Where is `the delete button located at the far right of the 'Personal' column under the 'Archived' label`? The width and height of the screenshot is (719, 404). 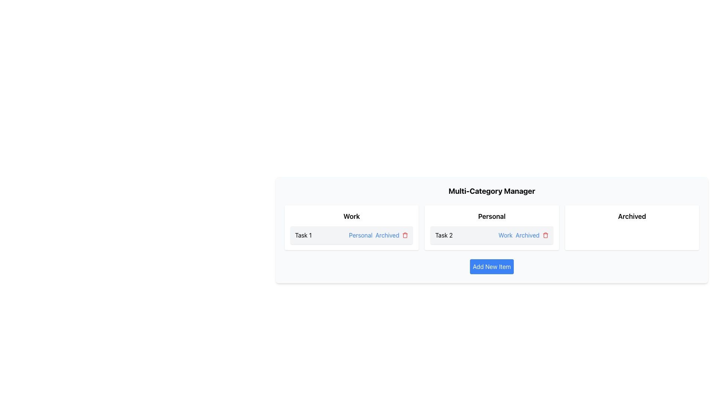
the delete button located at the far right of the 'Personal' column under the 'Archived' label is located at coordinates (405, 235).